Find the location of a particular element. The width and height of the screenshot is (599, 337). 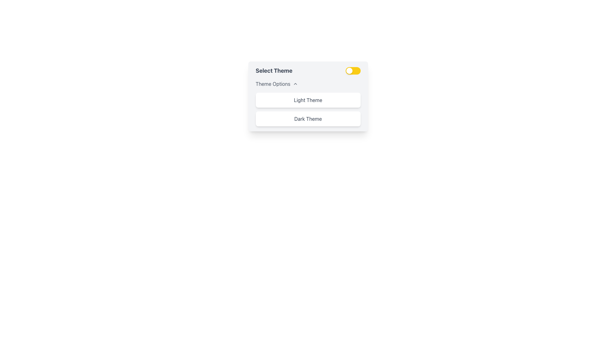

the 'Dark Theme' button located below the 'Light Theme' button in the 'Theme Options' menu is located at coordinates (308, 119).